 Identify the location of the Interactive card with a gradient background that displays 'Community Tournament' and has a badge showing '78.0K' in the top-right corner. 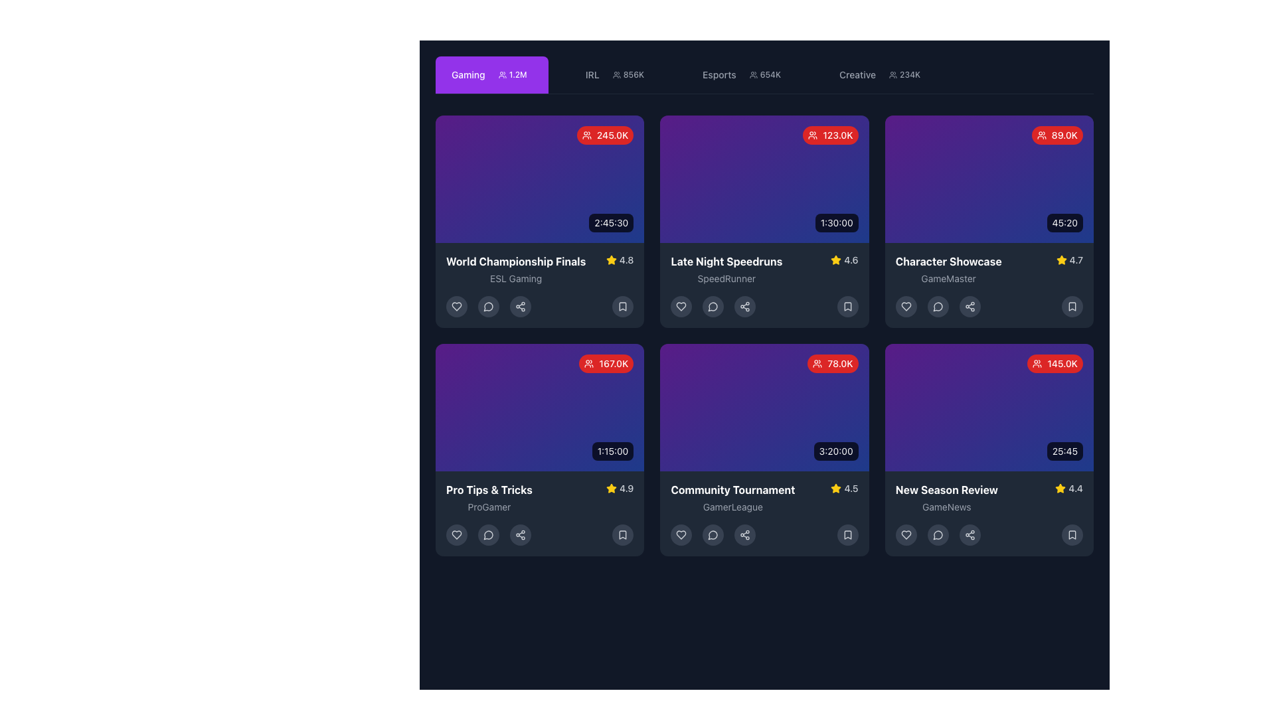
(764, 449).